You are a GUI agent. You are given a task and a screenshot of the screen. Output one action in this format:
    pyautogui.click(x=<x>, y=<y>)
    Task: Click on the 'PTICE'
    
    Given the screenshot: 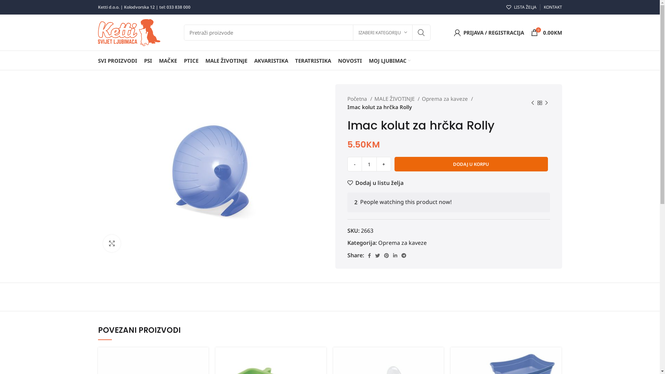 What is the action you would take?
    pyautogui.click(x=191, y=60)
    